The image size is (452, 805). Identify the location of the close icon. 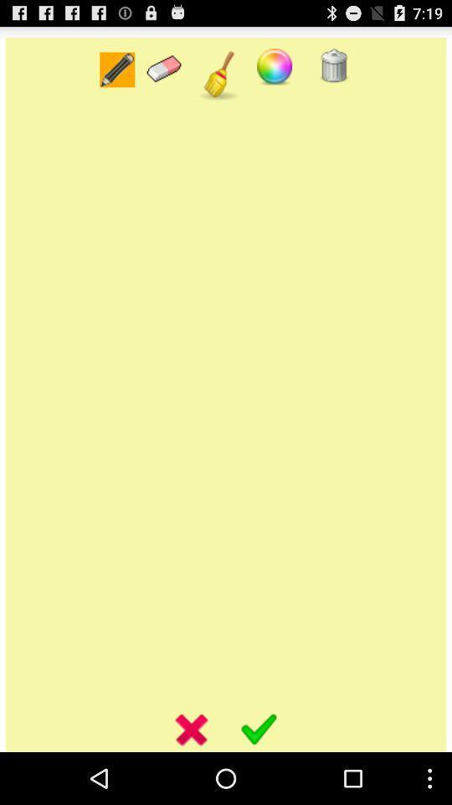
(190, 781).